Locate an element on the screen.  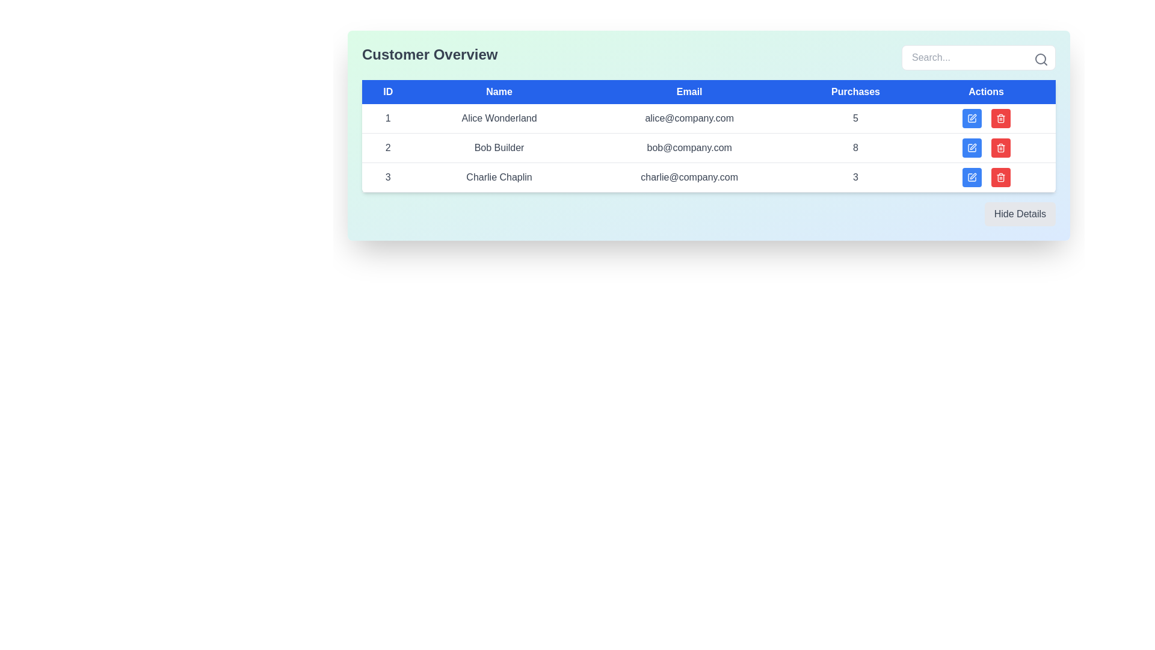
the square blue button with a white pen icon located in the 'Actions' column of the first row of the table is located at coordinates (972, 118).